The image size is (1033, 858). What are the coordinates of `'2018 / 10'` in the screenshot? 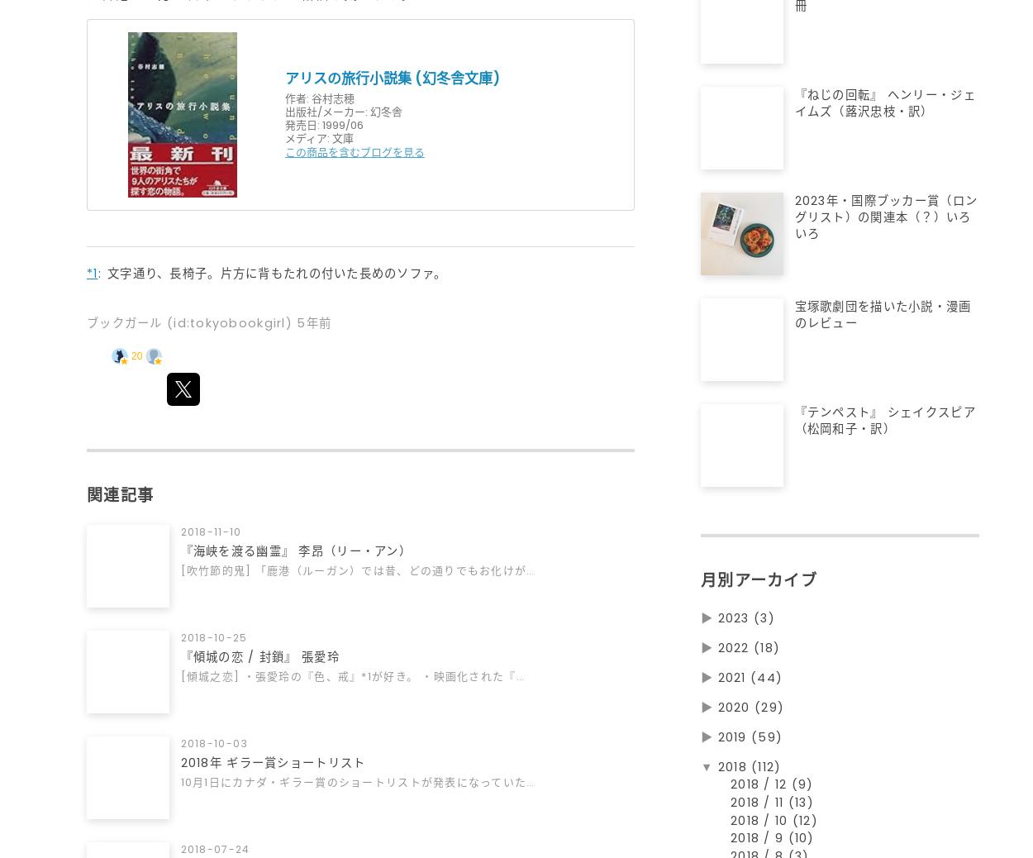 It's located at (761, 827).